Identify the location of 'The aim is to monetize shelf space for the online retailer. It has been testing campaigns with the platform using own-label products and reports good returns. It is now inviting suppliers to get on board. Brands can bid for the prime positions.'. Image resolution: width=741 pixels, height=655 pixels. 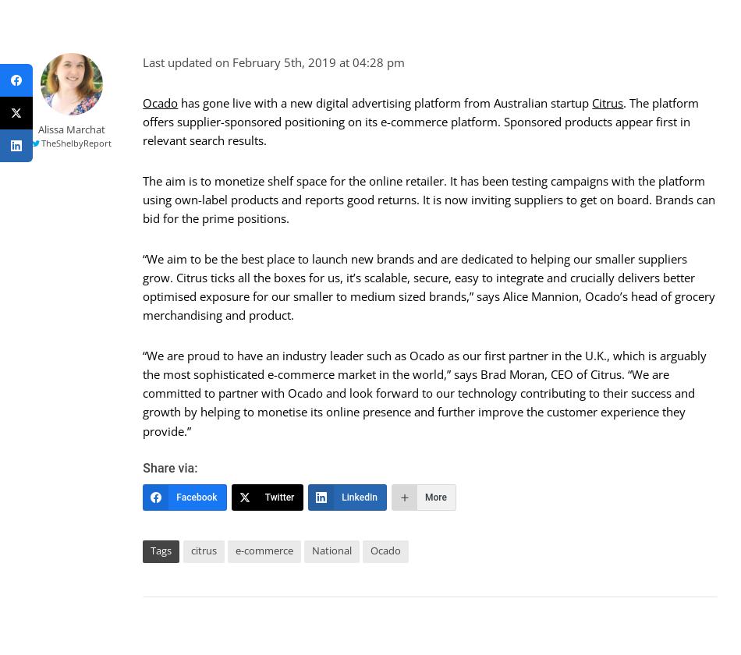
(428, 198).